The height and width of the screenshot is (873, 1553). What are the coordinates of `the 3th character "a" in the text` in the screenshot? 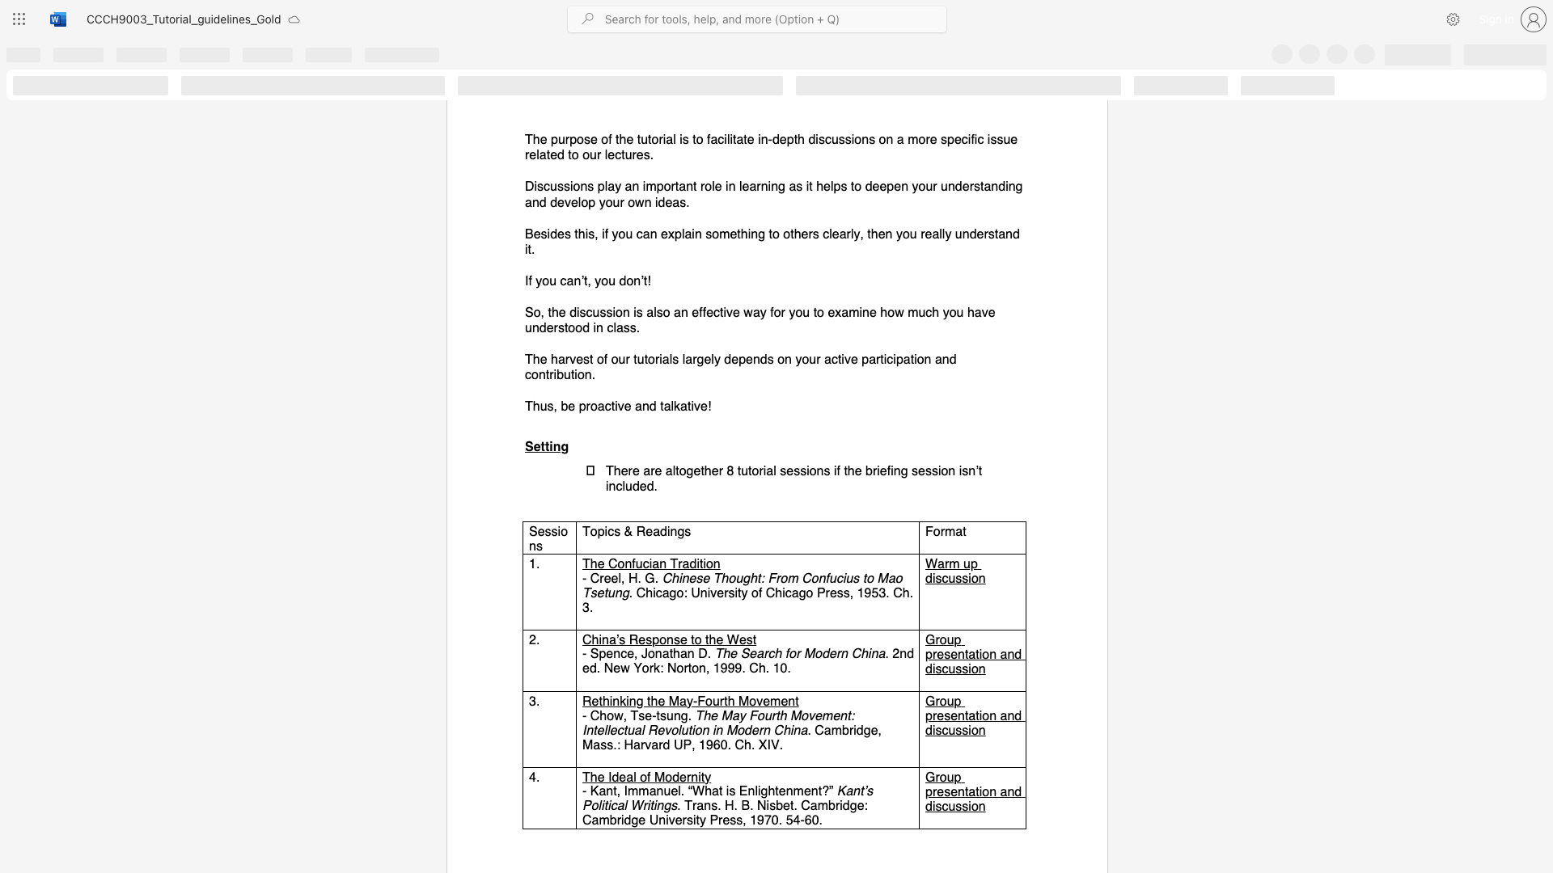 It's located at (803, 730).